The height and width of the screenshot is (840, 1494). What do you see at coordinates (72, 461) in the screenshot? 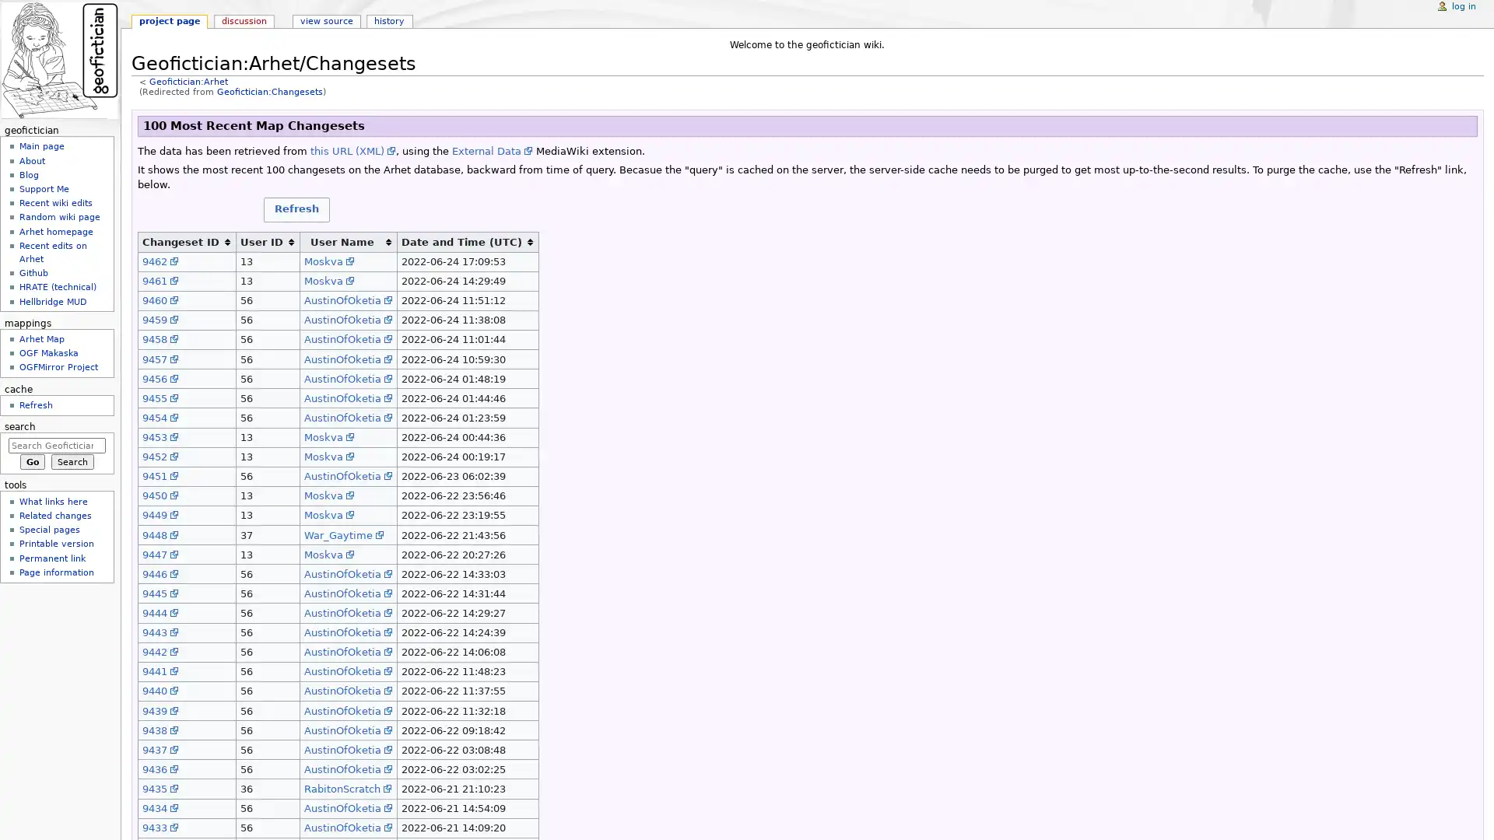
I see `Search` at bounding box center [72, 461].